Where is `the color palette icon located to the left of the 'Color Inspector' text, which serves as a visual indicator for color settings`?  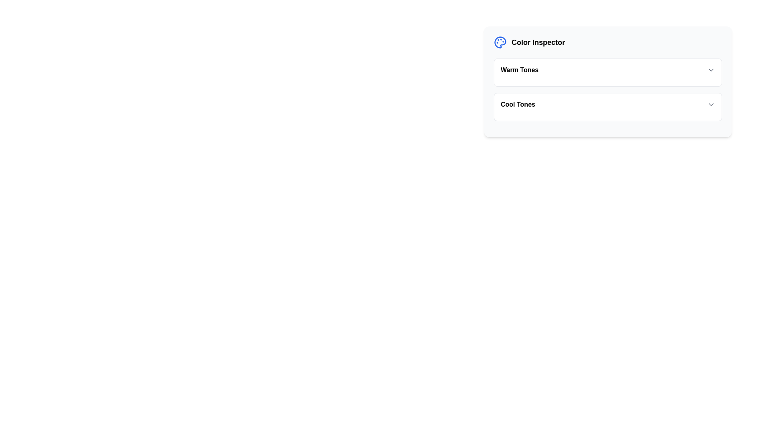
the color palette icon located to the left of the 'Color Inspector' text, which serves as a visual indicator for color settings is located at coordinates (500, 42).